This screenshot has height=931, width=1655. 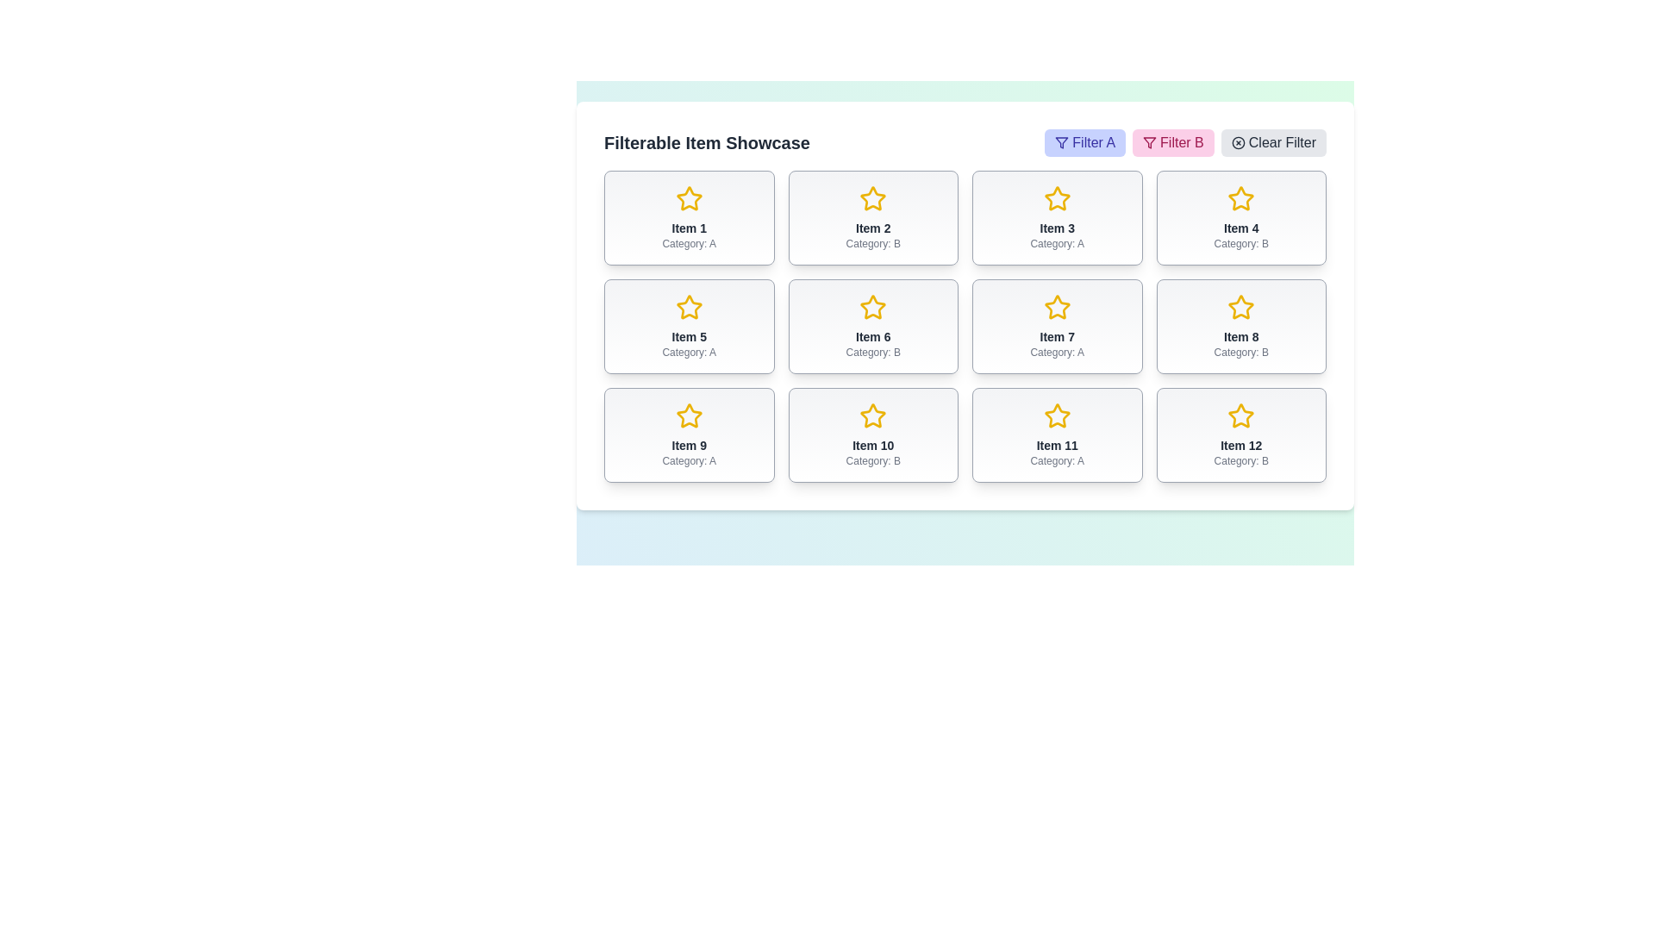 I want to click on the Card element labeled 'Item 7', so click(x=1056, y=326).